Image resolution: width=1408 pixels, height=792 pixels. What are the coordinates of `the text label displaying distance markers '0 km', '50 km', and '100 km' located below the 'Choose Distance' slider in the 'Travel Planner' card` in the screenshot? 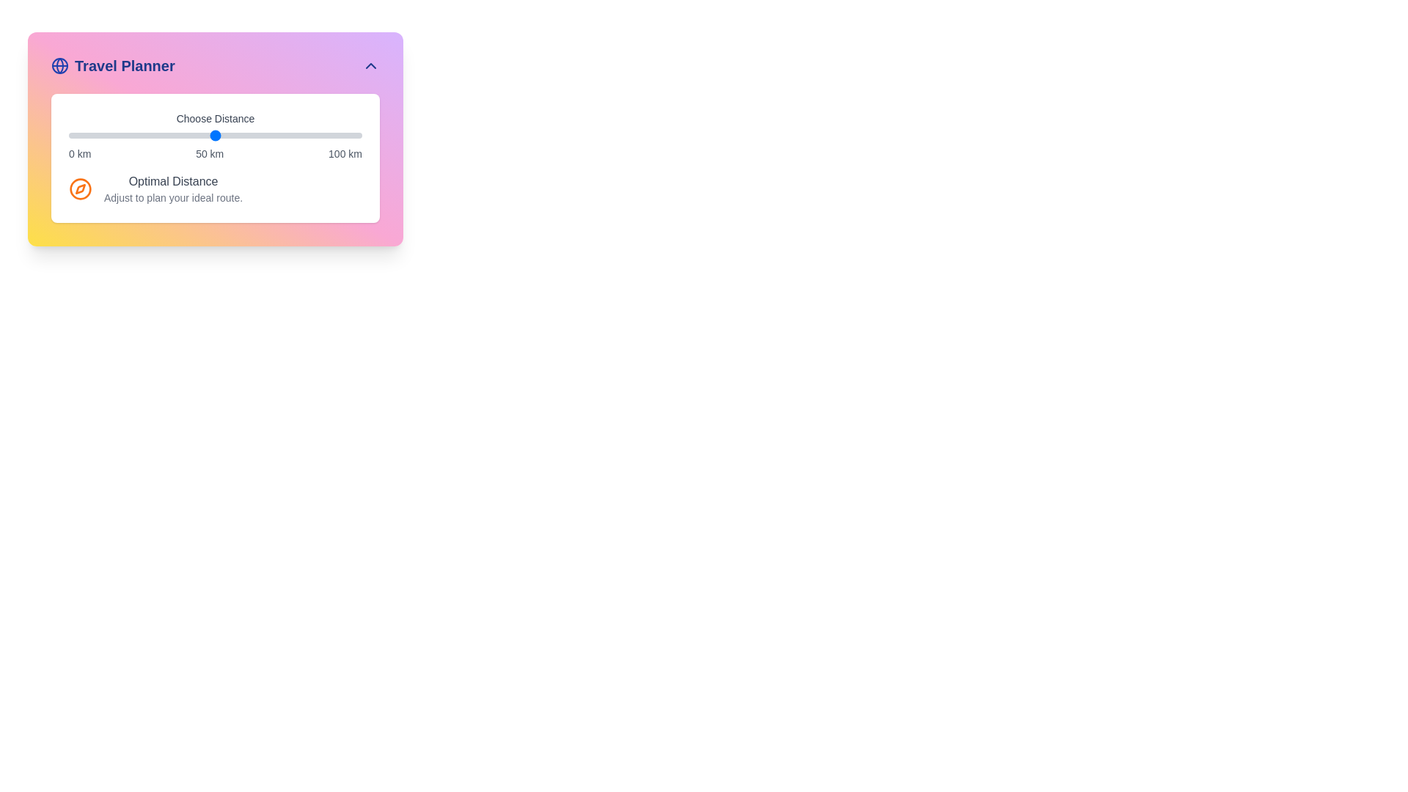 It's located at (214, 153).